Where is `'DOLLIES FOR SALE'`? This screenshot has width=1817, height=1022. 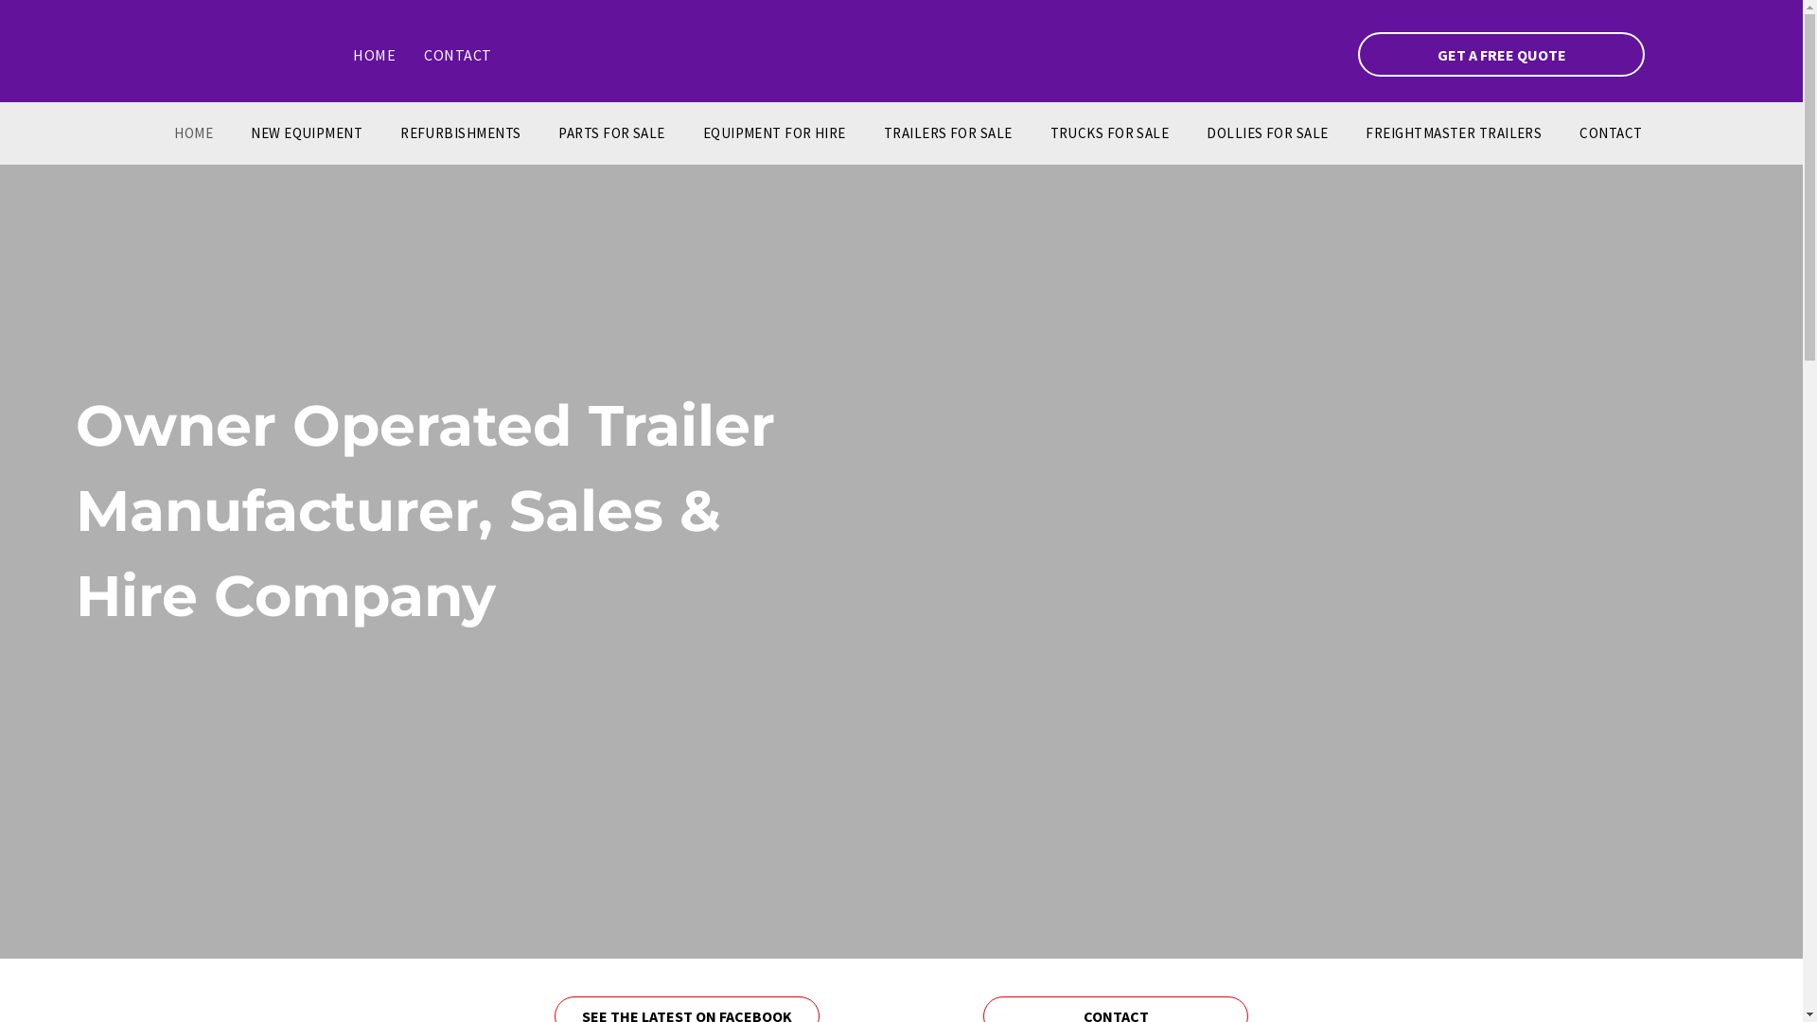
'DOLLIES FOR SALE' is located at coordinates (1267, 132).